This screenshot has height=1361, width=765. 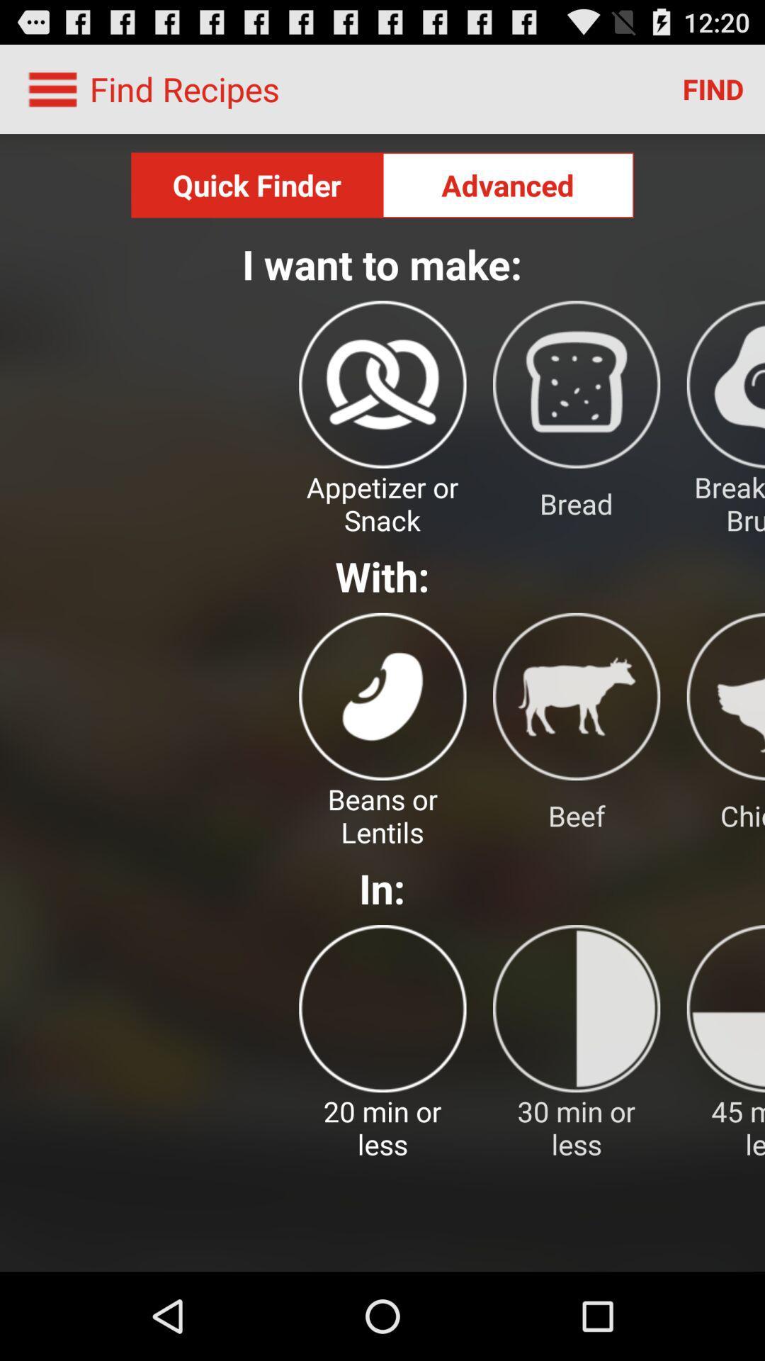 What do you see at coordinates (507, 184) in the screenshot?
I see `advanced` at bounding box center [507, 184].